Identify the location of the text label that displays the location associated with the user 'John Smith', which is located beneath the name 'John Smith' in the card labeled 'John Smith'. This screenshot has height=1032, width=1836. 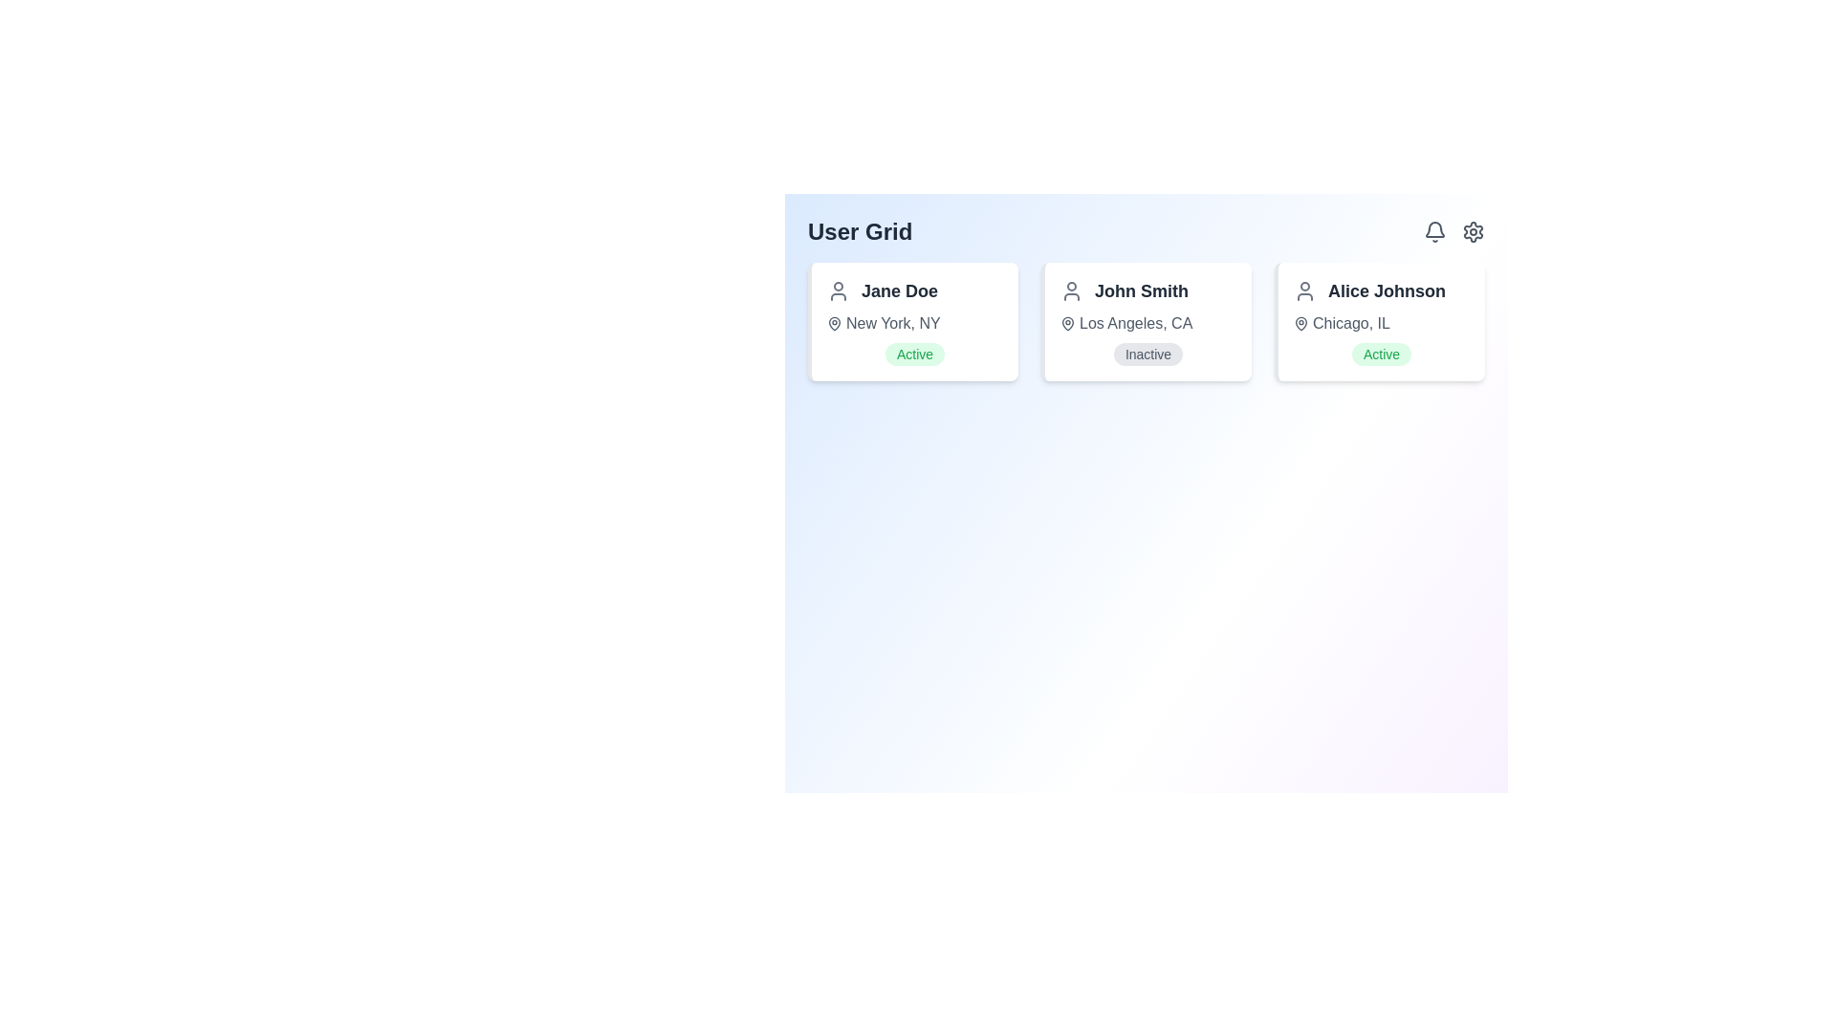
(1136, 323).